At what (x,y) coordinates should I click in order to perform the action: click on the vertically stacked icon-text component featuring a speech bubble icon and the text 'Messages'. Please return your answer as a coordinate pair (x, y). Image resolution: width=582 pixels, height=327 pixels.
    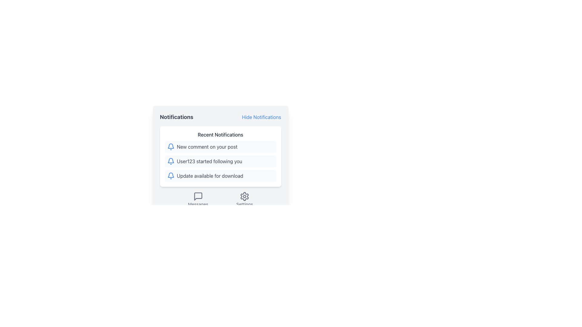
    Looking at the image, I should click on (198, 200).